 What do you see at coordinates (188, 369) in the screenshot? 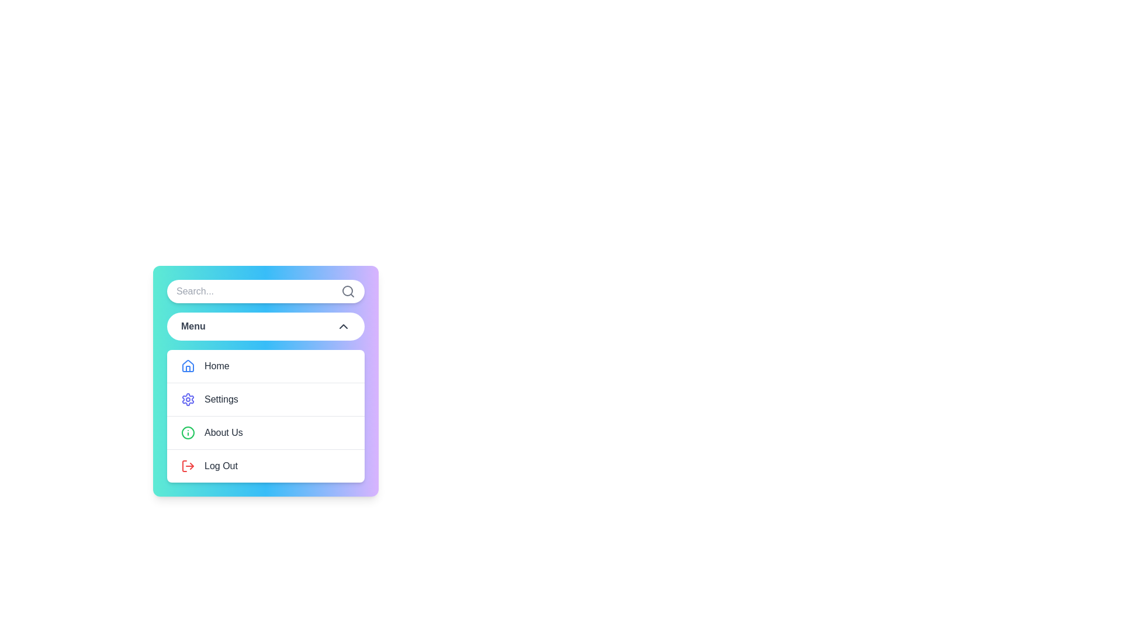
I see `the small blue house-shaped icon representing the Home option in the vertical menu located below the search bar` at bounding box center [188, 369].